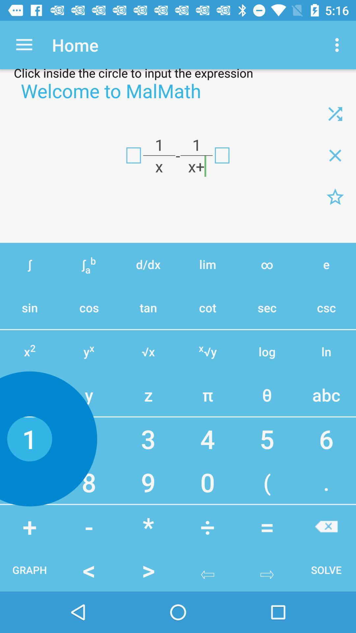  Describe the element at coordinates (335, 114) in the screenshot. I see `refeet option` at that location.